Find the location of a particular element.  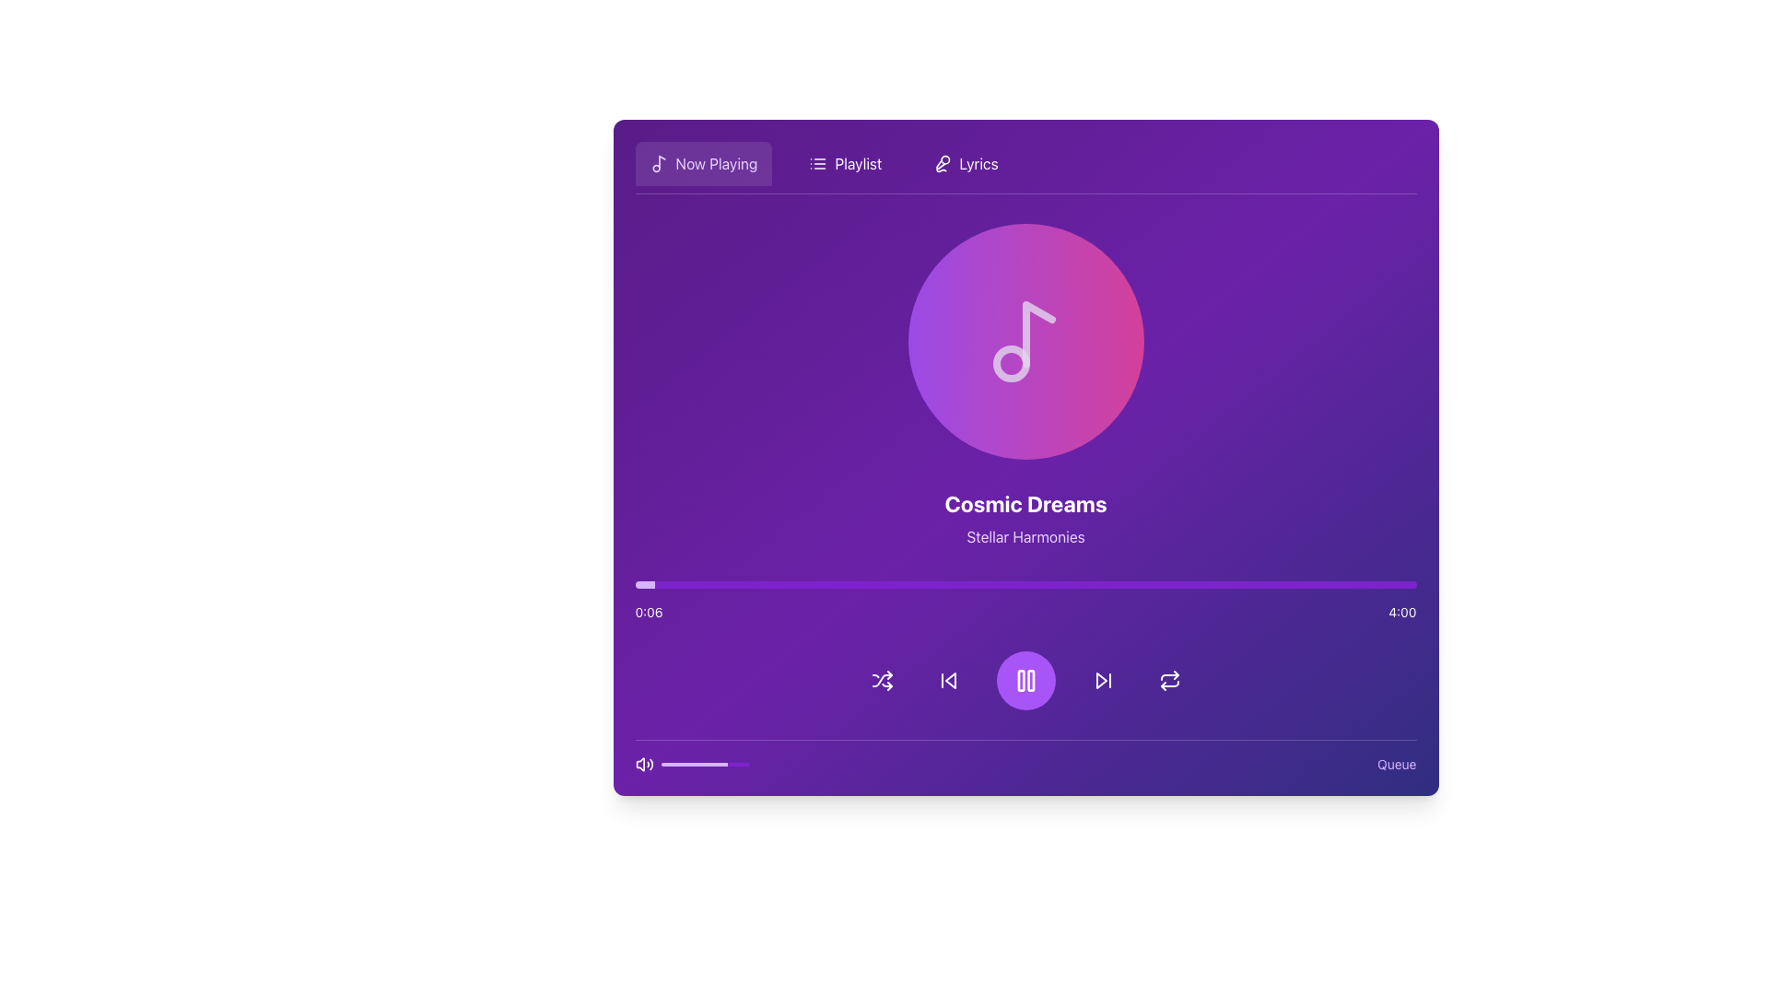

playback progress is located at coordinates (635, 585).